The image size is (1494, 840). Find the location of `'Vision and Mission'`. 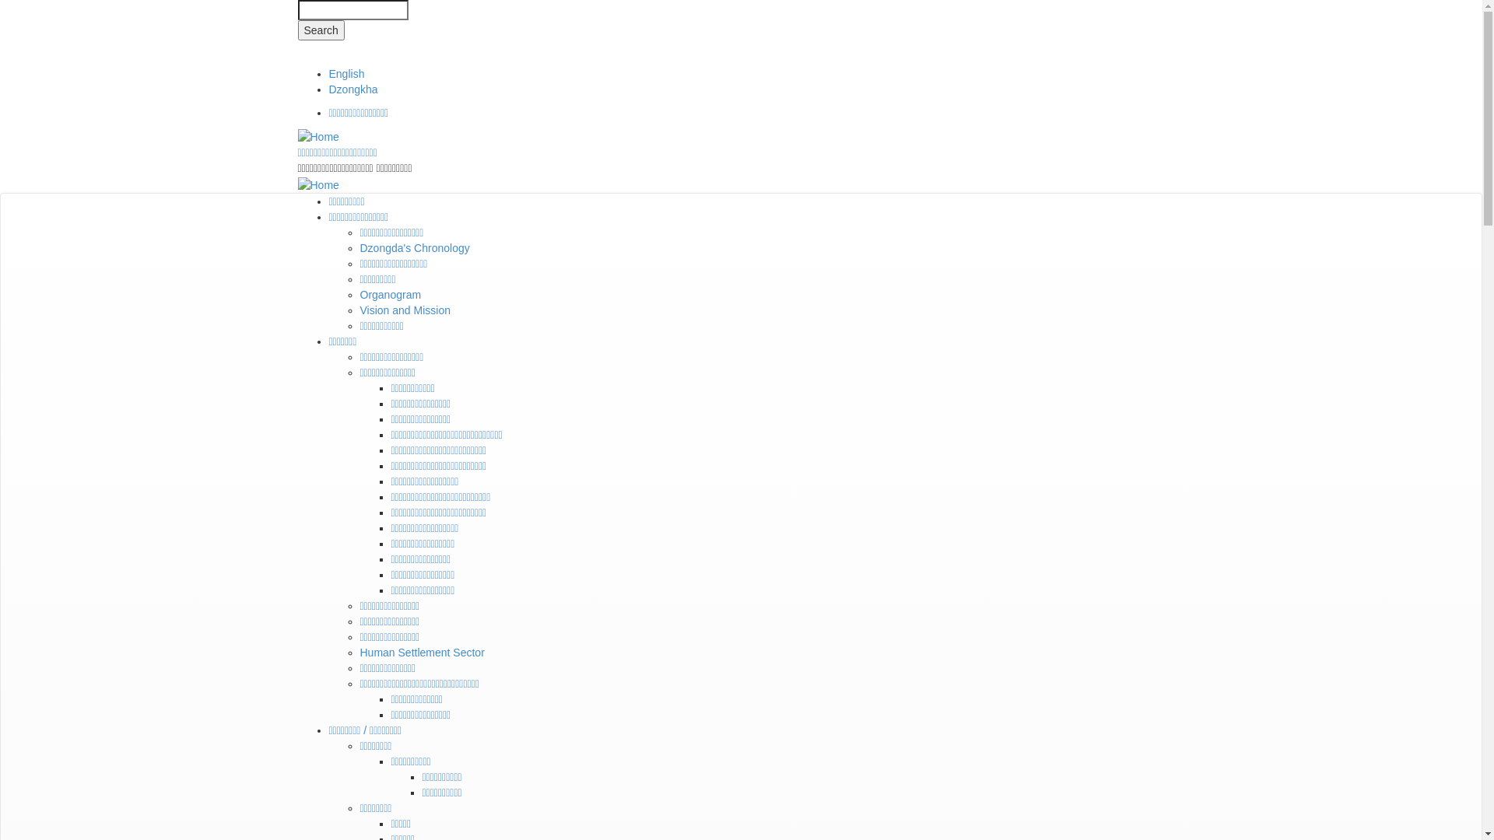

'Vision and Mission' is located at coordinates (404, 310).